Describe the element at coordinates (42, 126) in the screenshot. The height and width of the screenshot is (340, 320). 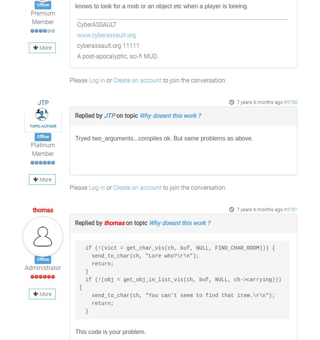
I see `'Topic Author'` at that location.